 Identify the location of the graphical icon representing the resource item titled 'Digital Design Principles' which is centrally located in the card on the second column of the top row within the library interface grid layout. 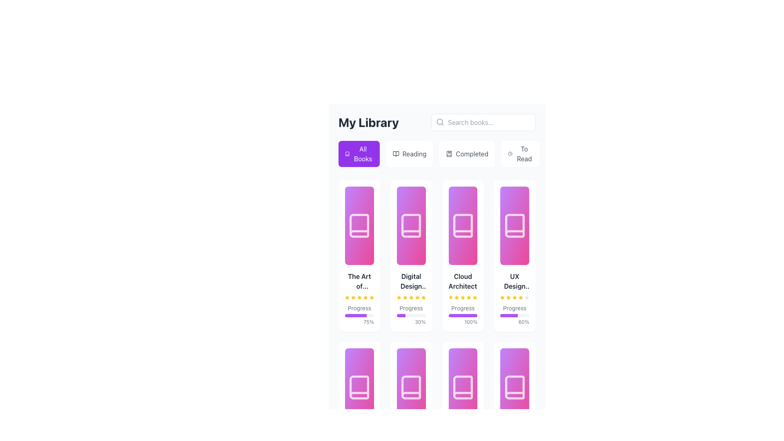
(411, 225).